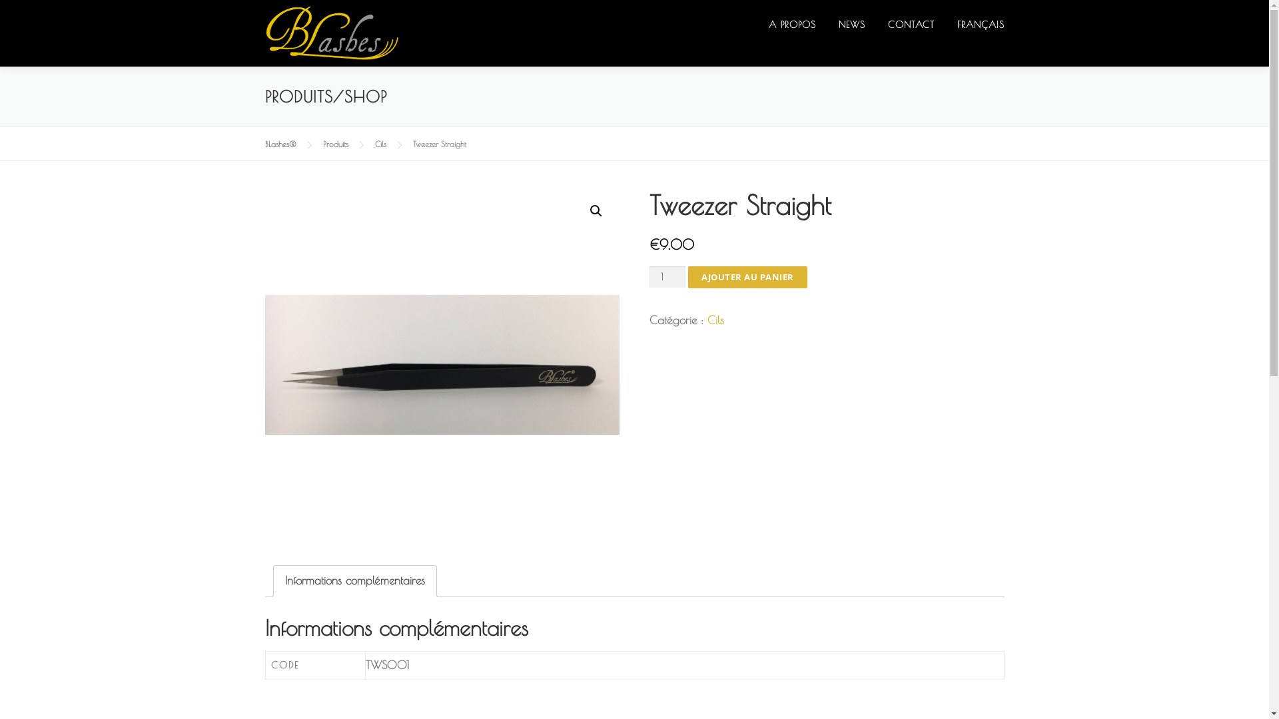 The image size is (1279, 719). What do you see at coordinates (791, 25) in the screenshot?
I see `'A PROPOS'` at bounding box center [791, 25].